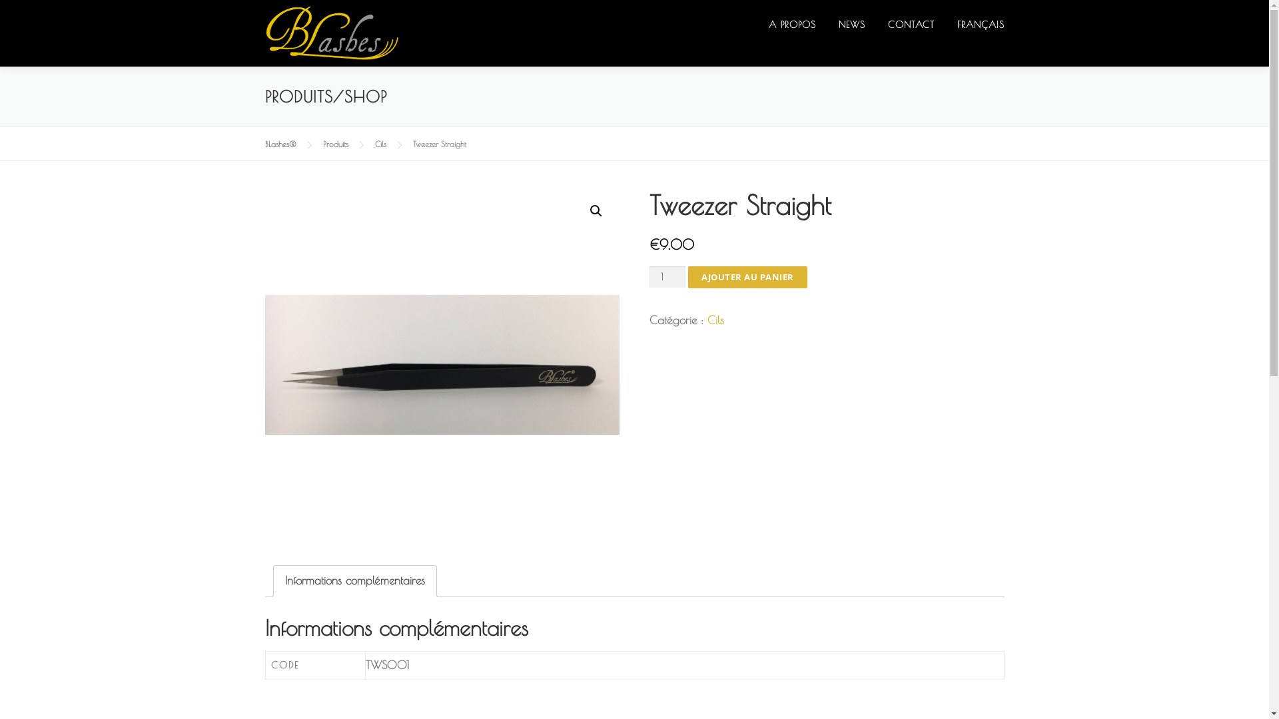 The image size is (1279, 719). What do you see at coordinates (791, 25) in the screenshot?
I see `'A PROPOS'` at bounding box center [791, 25].